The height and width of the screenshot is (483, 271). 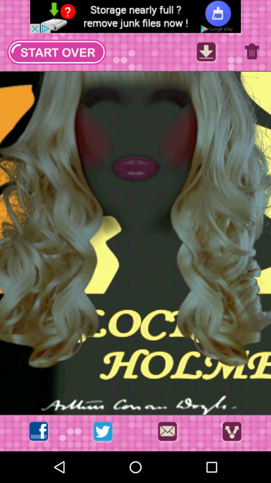 I want to click on twitter icon, so click(x=103, y=433).